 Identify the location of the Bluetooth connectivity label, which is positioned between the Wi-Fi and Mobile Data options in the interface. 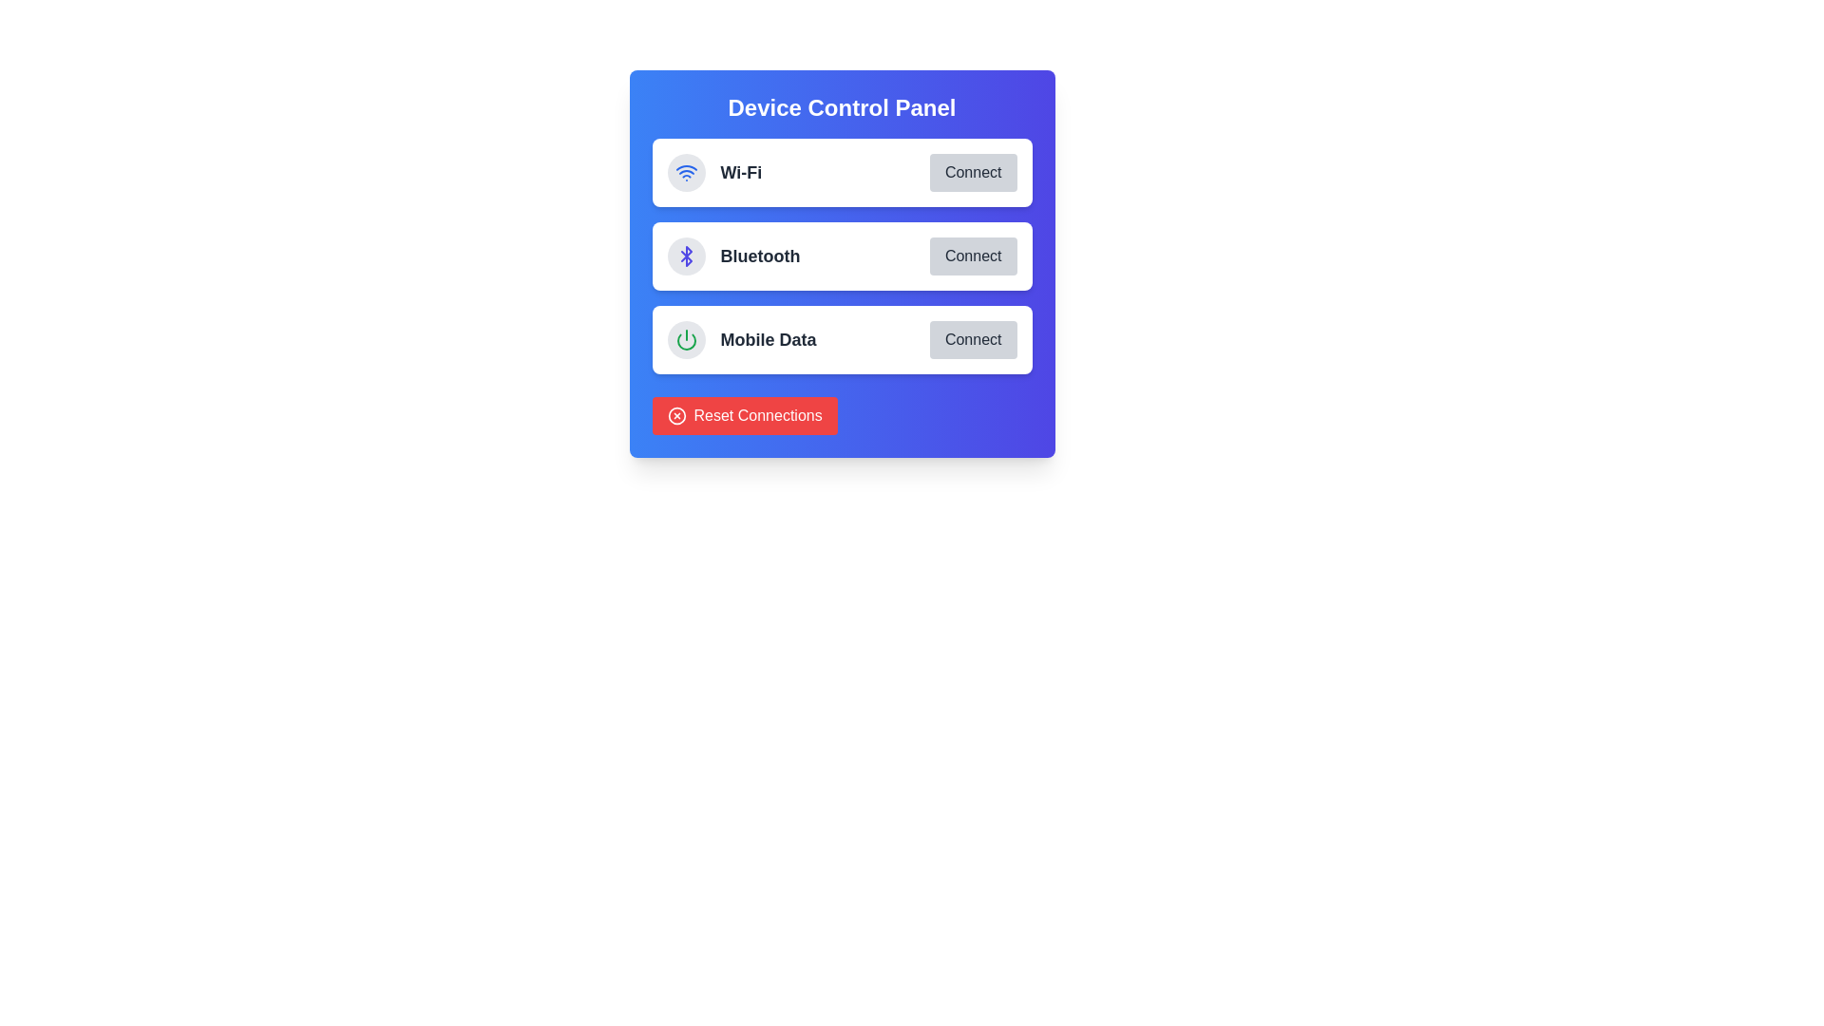
(732, 256).